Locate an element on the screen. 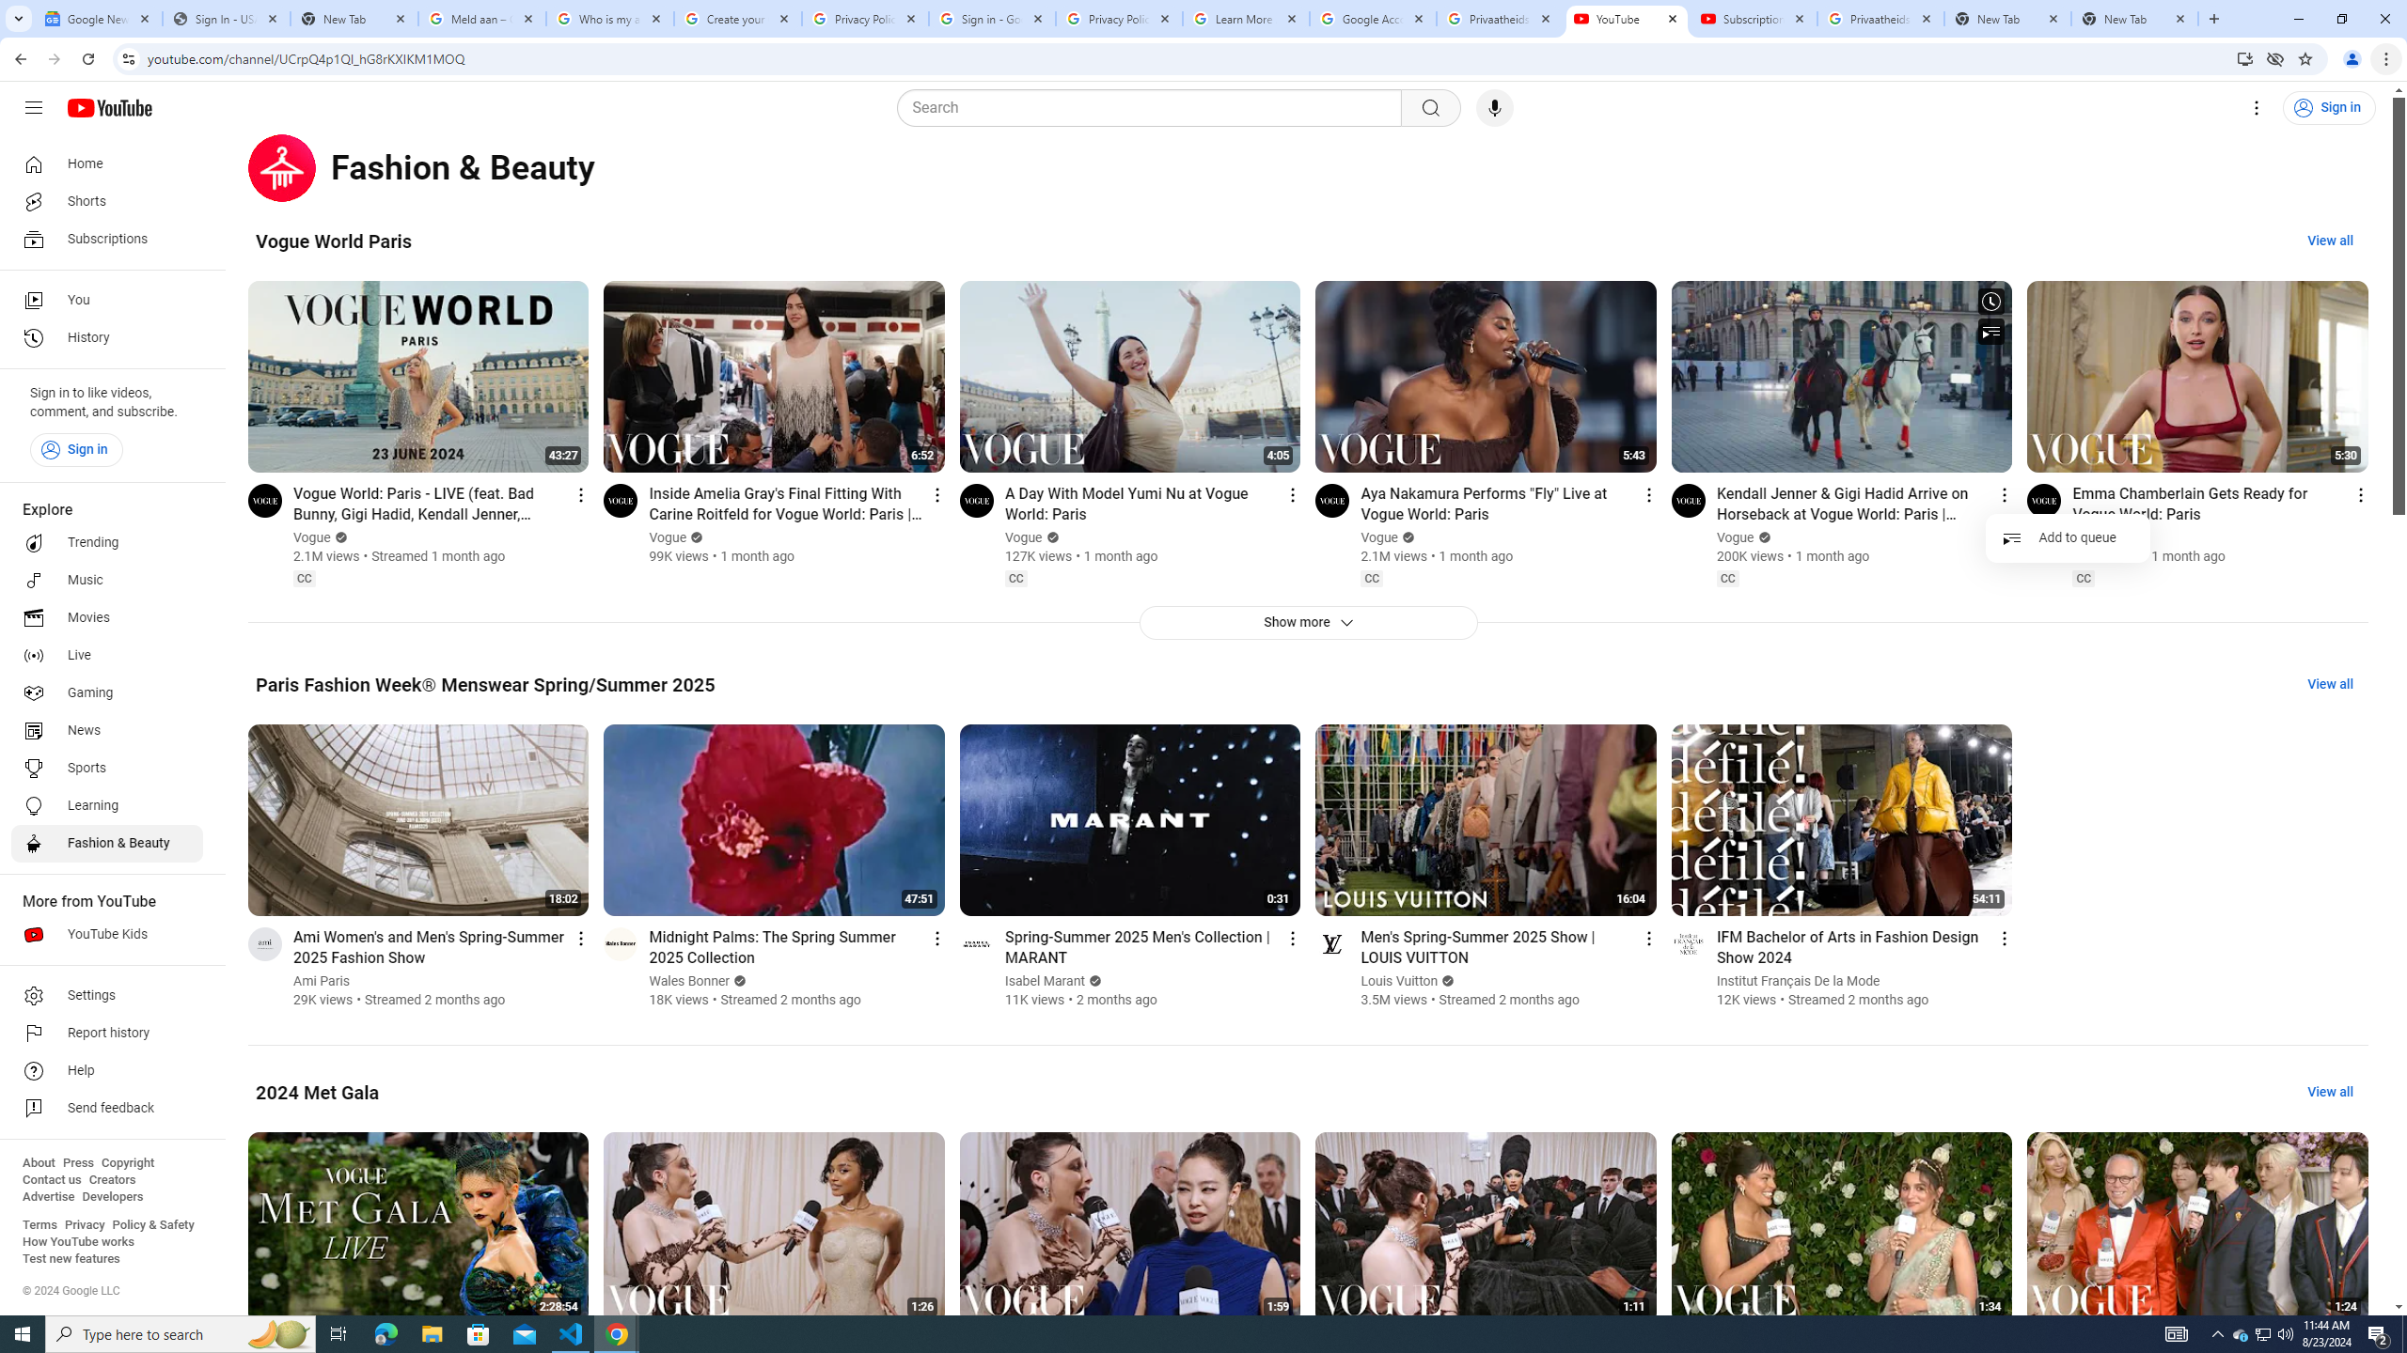 The width and height of the screenshot is (2407, 1353). 'Show more' is located at coordinates (1307, 622).